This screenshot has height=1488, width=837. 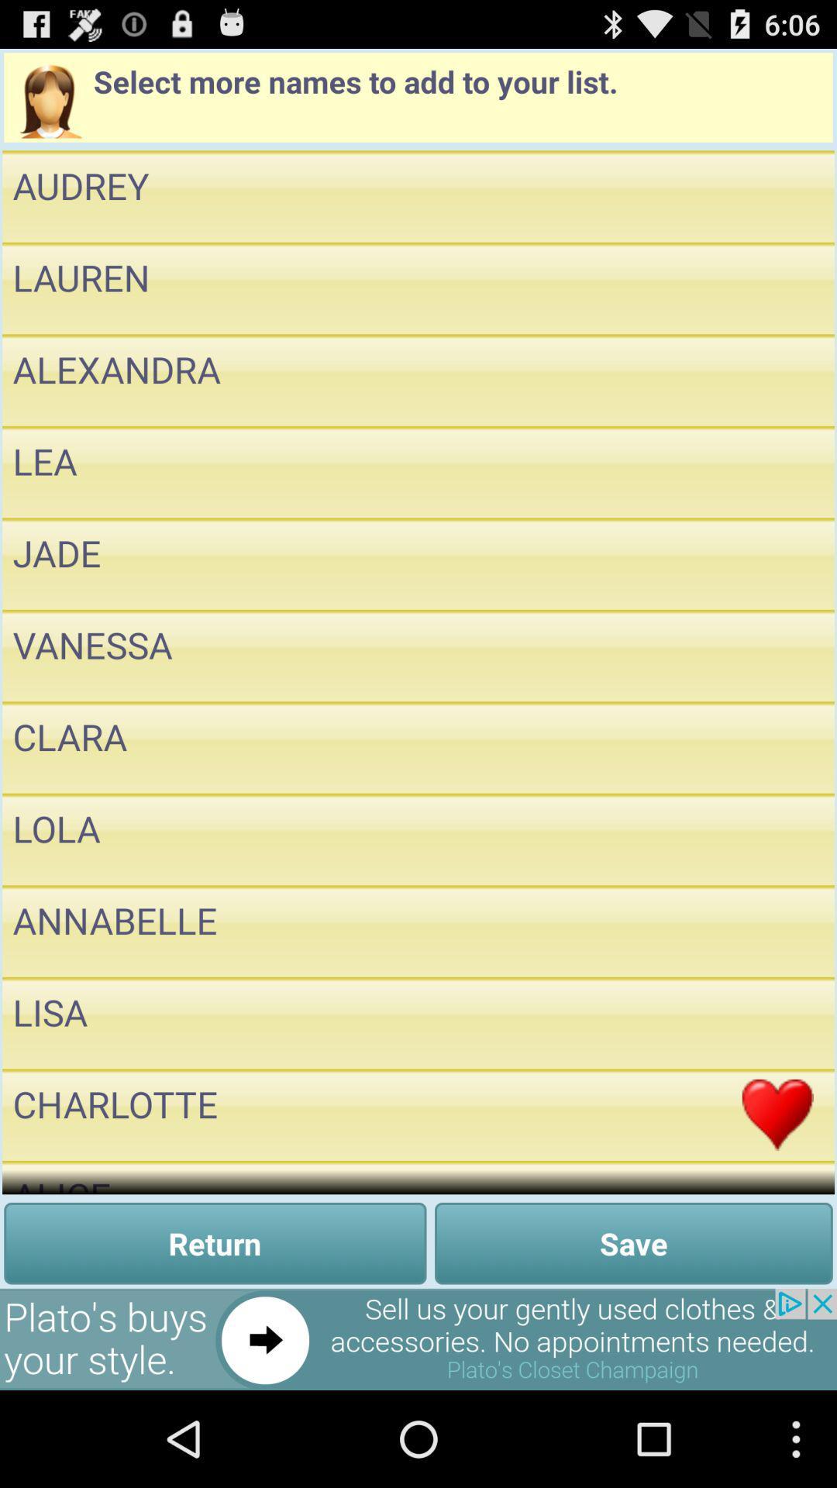 I want to click on if you click here it would add lea to the list, so click(x=777, y=471).